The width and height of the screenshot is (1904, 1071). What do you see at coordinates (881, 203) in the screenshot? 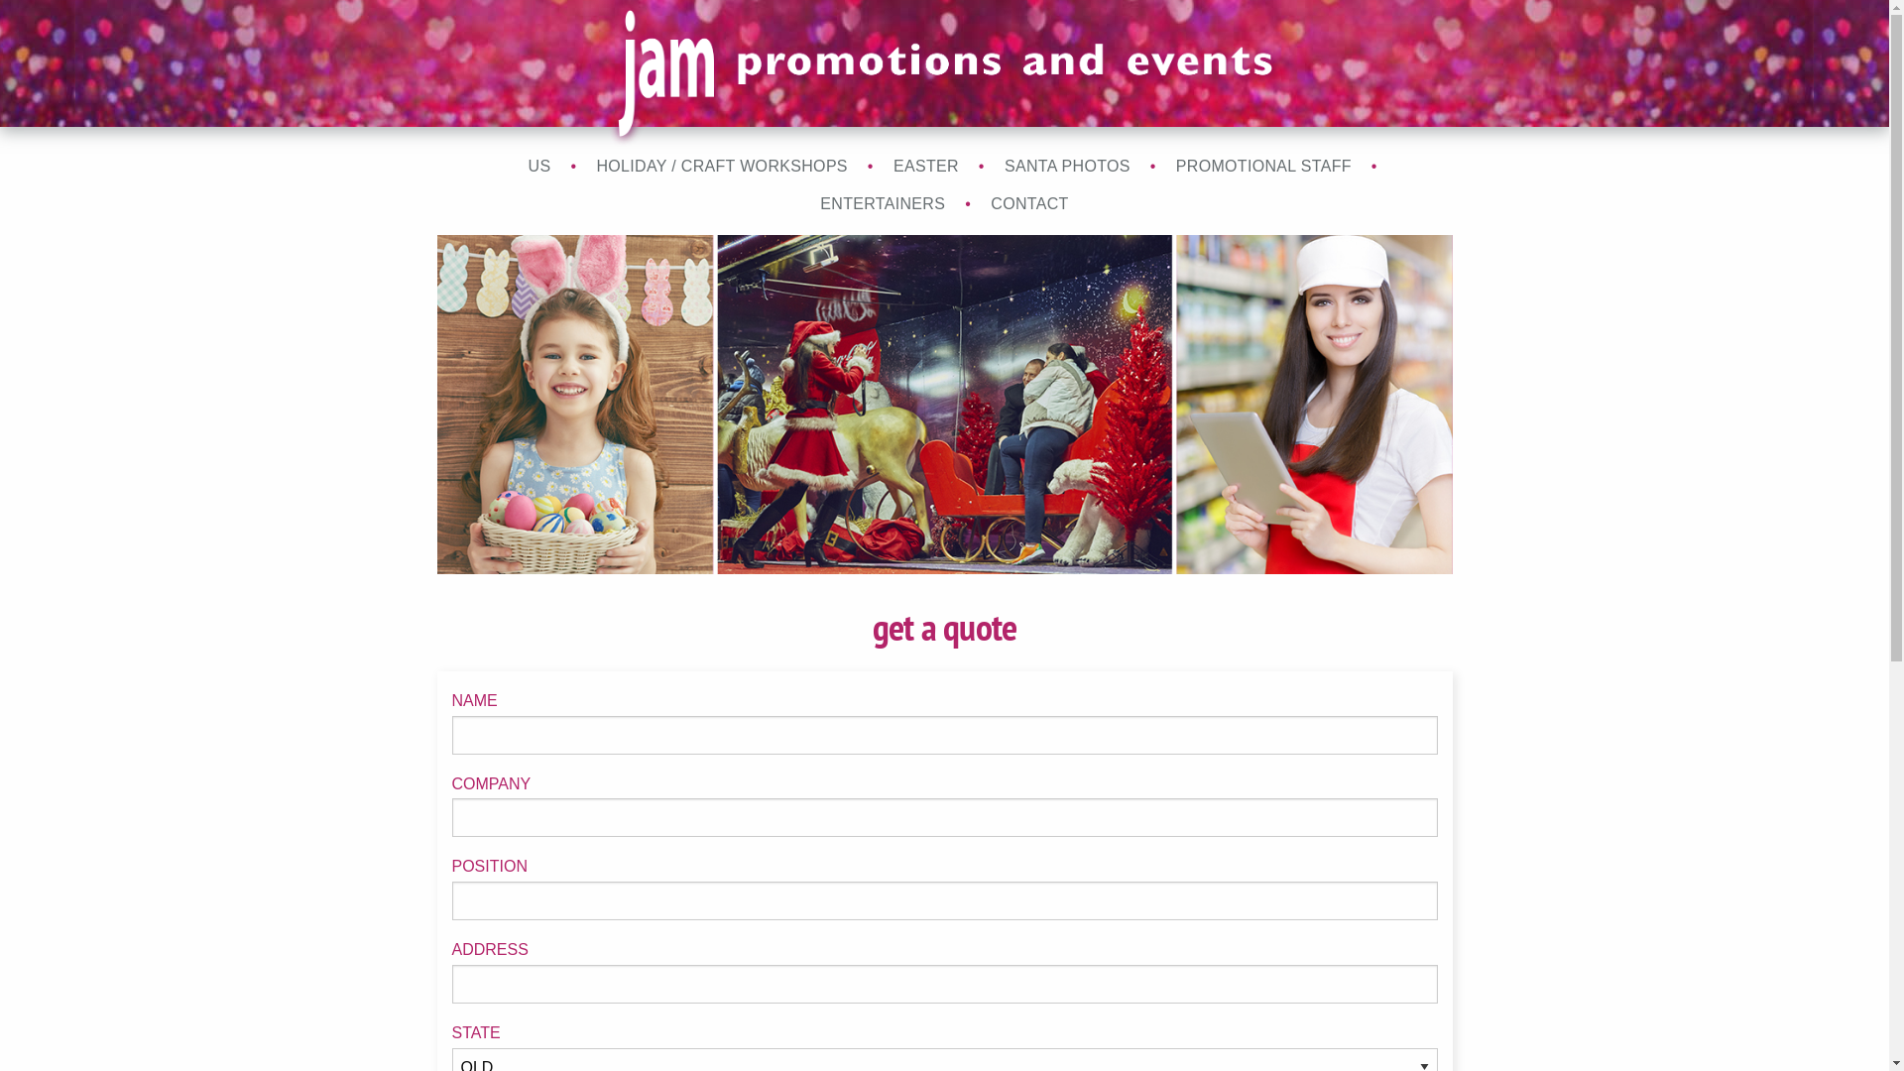
I see `'ENTERTAINERS'` at bounding box center [881, 203].